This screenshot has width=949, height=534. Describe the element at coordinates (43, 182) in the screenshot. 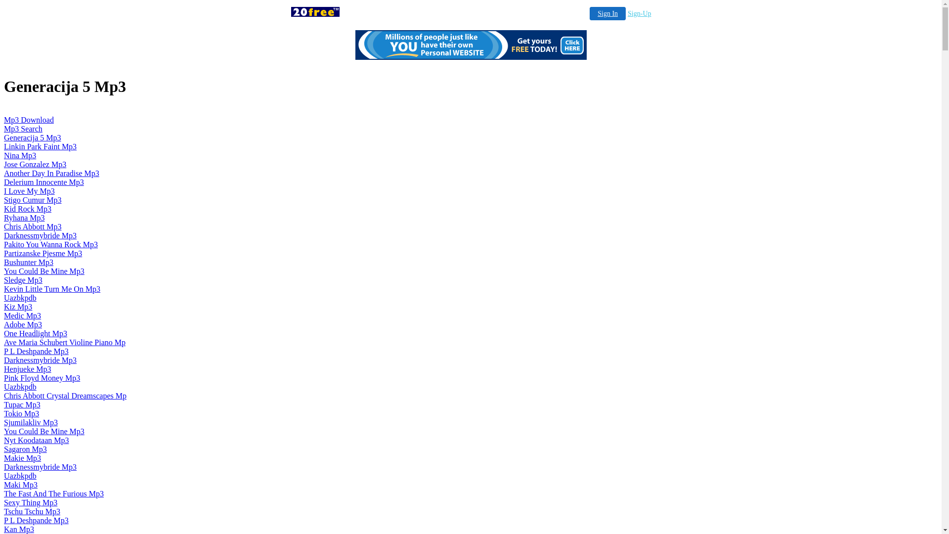

I see `'Delerium Innocente Mp3'` at that location.